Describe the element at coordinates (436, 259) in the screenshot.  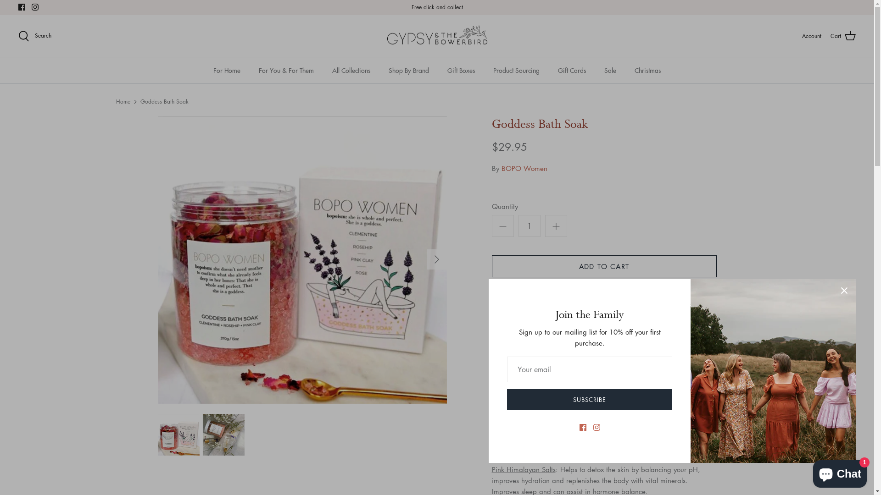
I see `'RIGHT'` at that location.